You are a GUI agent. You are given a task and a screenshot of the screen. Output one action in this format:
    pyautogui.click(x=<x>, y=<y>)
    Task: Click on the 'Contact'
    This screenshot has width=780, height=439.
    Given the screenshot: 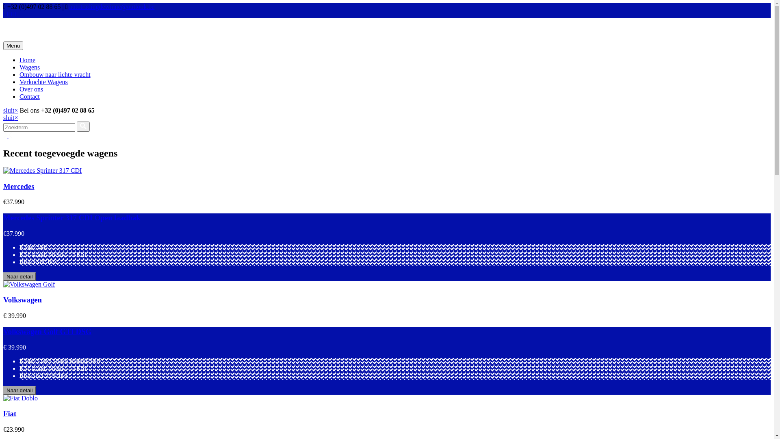 What is the action you would take?
    pyautogui.click(x=29, y=96)
    